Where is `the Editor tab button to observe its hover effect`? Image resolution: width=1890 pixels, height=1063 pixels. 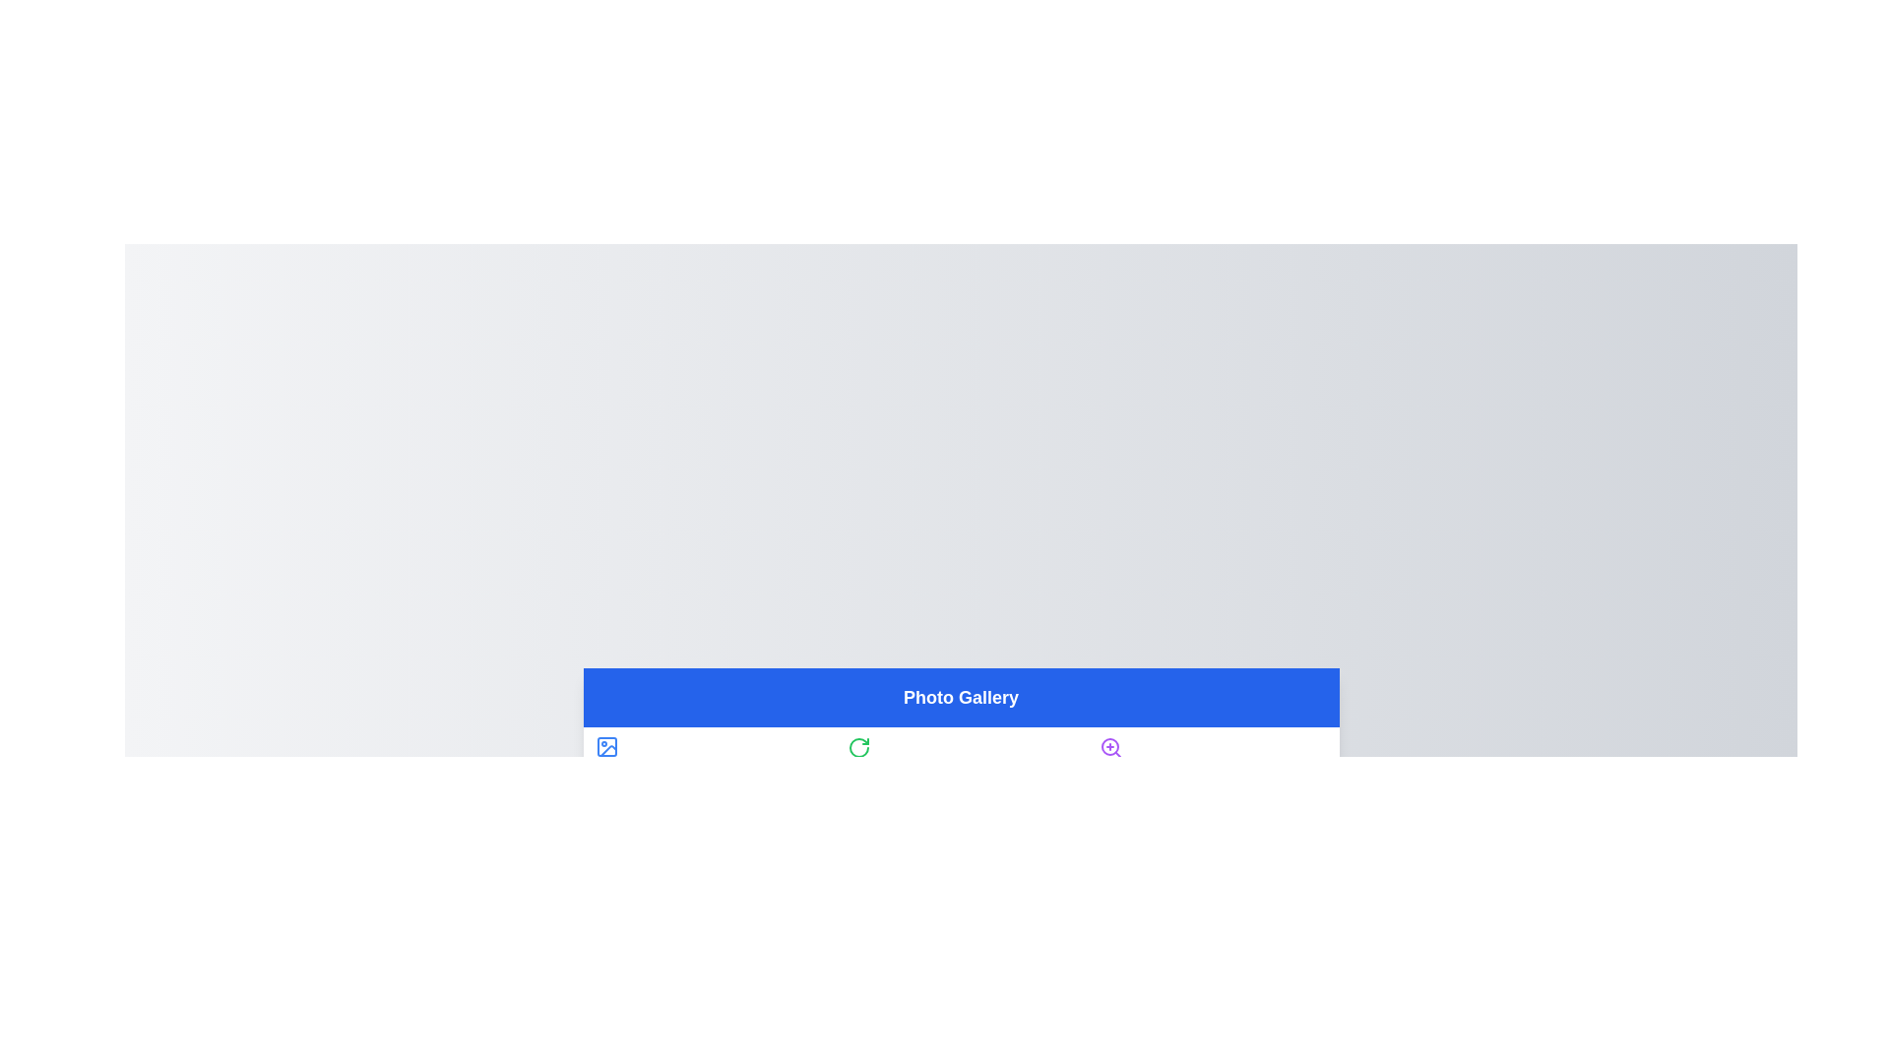 the Editor tab button to observe its hover effect is located at coordinates (961, 758).